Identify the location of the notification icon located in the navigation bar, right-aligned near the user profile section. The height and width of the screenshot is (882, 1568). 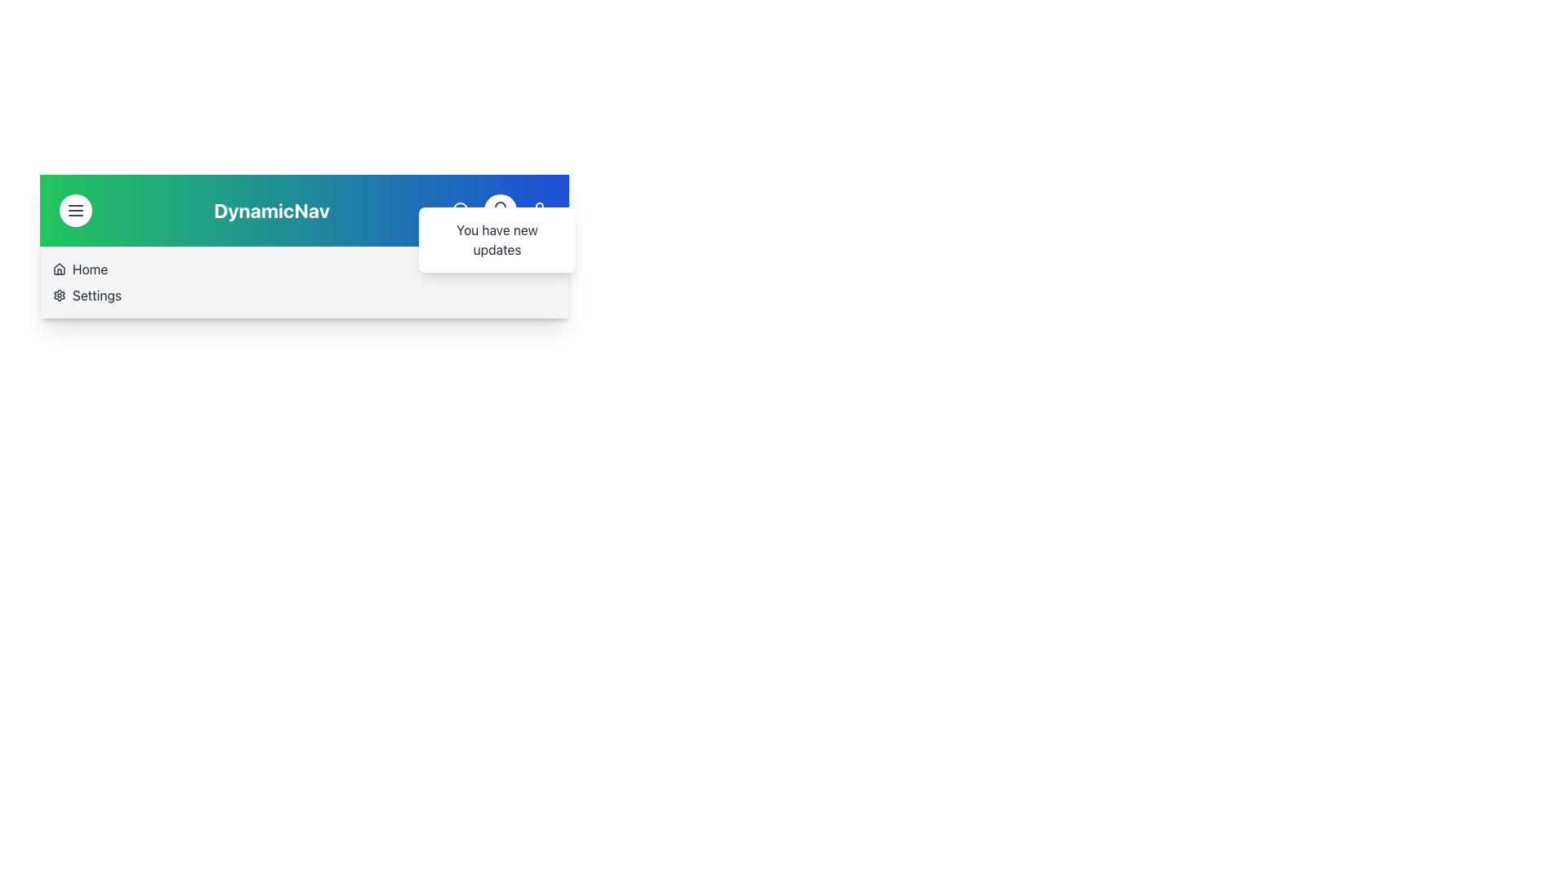
(500, 210).